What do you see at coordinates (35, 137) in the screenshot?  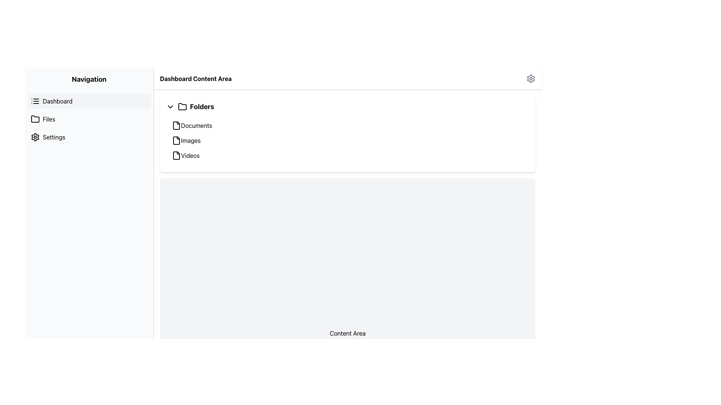 I see `the cogwheel icon in the sidebar navigation under 'Settings'` at bounding box center [35, 137].